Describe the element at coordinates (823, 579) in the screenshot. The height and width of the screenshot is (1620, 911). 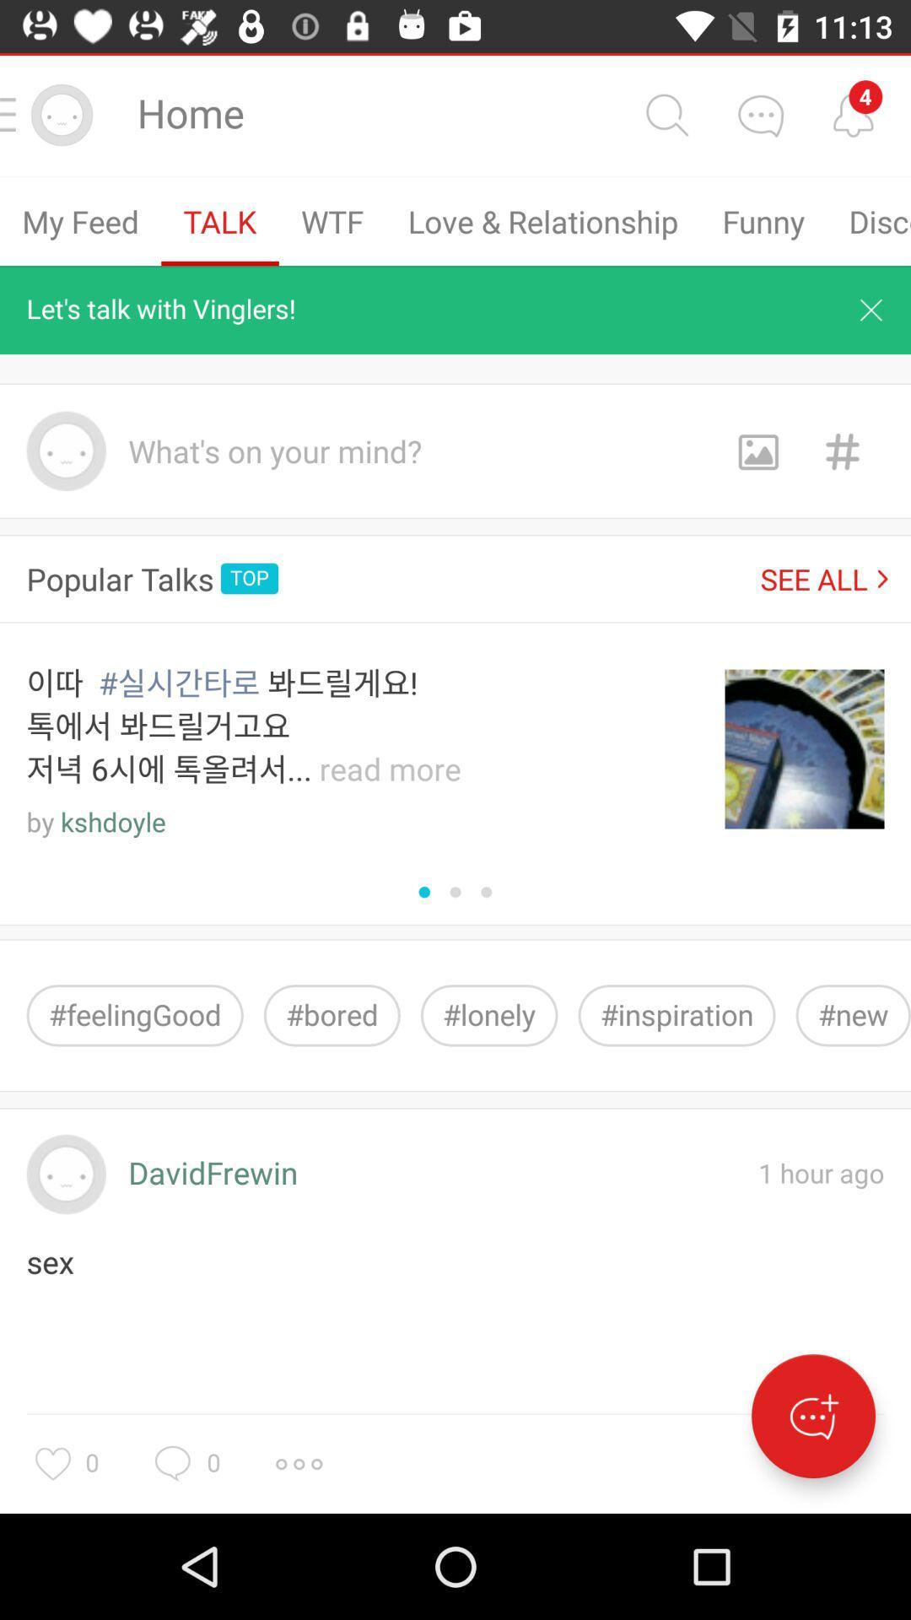
I see `item next to the top icon` at that location.